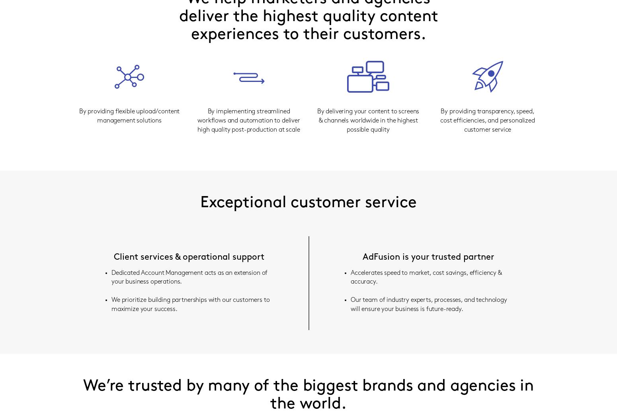 The width and height of the screenshot is (617, 416). Describe the element at coordinates (308, 176) in the screenshot. I see `'Ready to learn more about AdFusion?'` at that location.